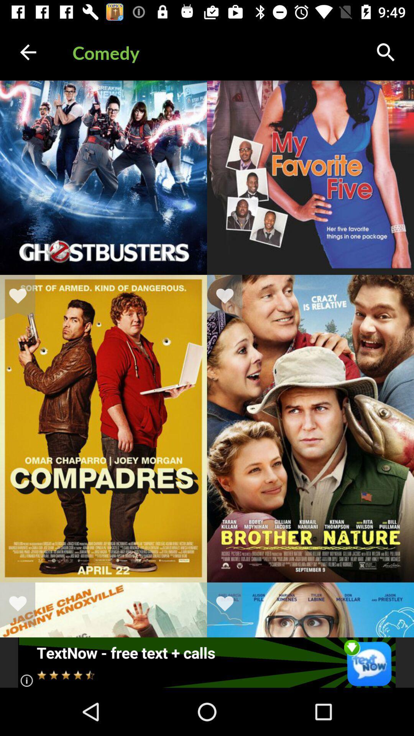  I want to click on the icon to the left of the comedy item, so click(28, 52).